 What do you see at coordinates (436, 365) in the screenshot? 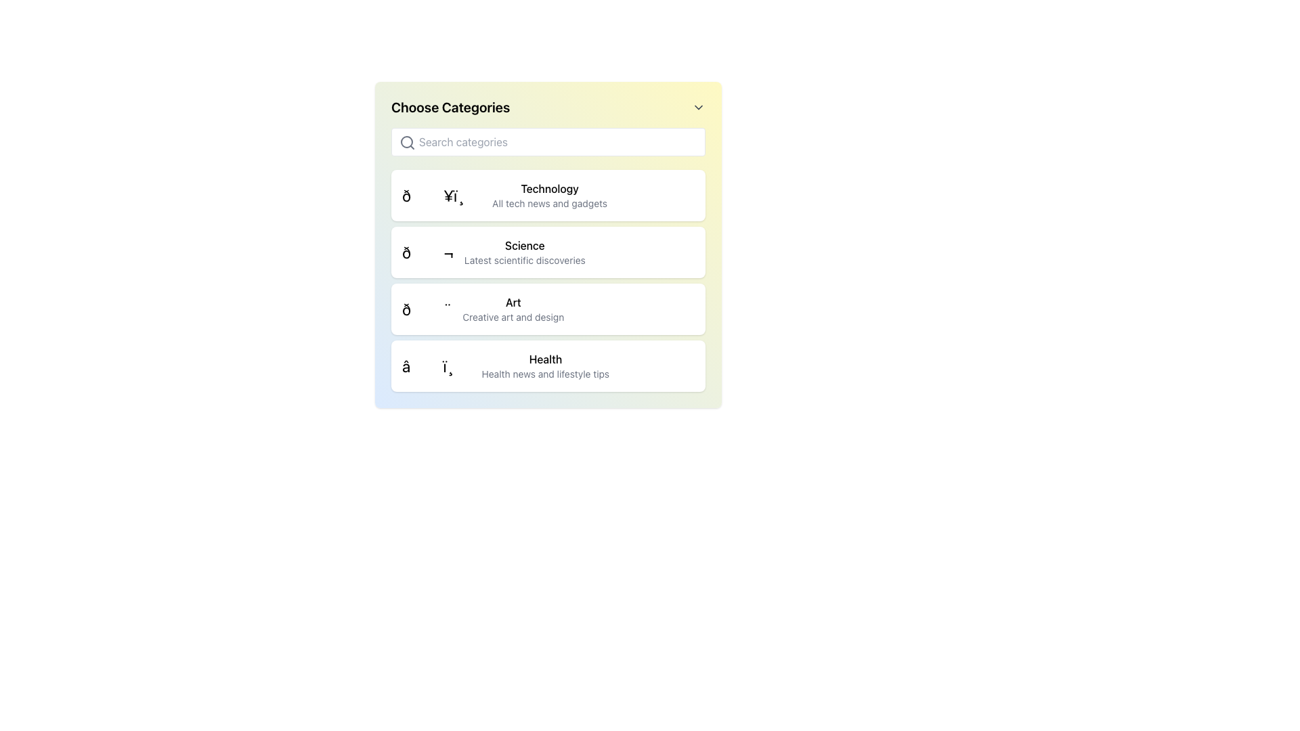
I see `the 'Health' category icon located to the left of the text 'Health' and its subtext` at bounding box center [436, 365].